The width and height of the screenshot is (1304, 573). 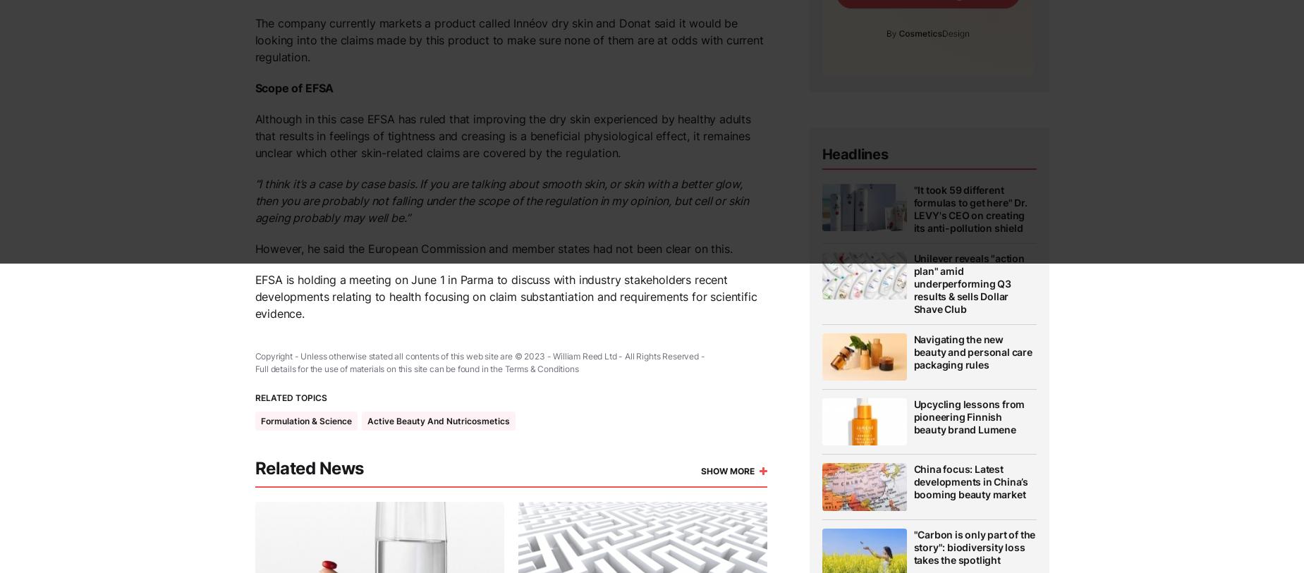 I want to click on 'The company currently markets a product called Innéov dry skin and Donat said it would be looking into the claims made by this product to make sure none of them are at odds with current regulation.', so click(x=508, y=39).